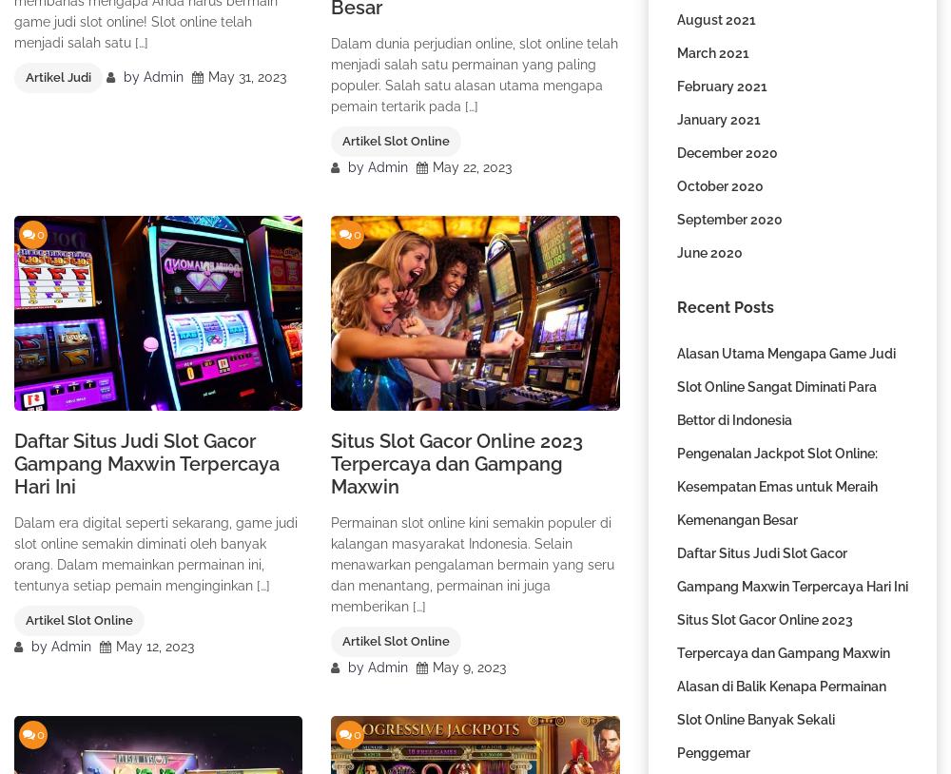 Image resolution: width=951 pixels, height=774 pixels. Describe the element at coordinates (155, 647) in the screenshot. I see `'May 12, 2023'` at that location.